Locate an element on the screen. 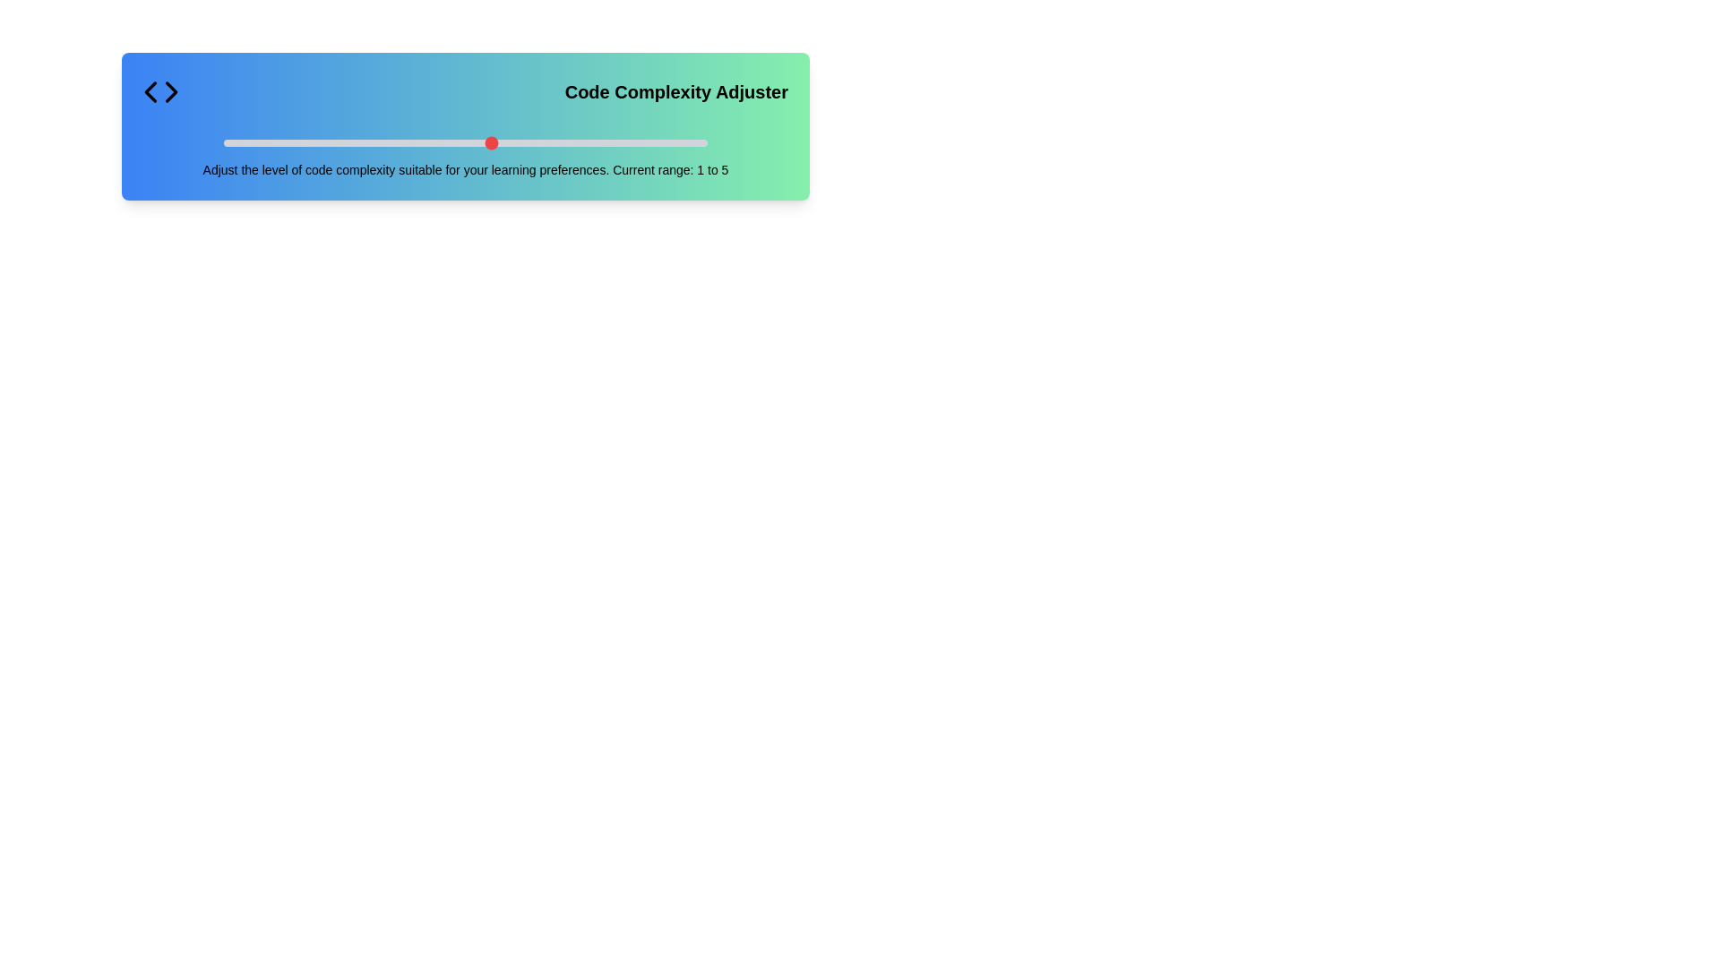 The height and width of the screenshot is (967, 1720). the slider to set the code complexity to 3 is located at coordinates (331, 141).